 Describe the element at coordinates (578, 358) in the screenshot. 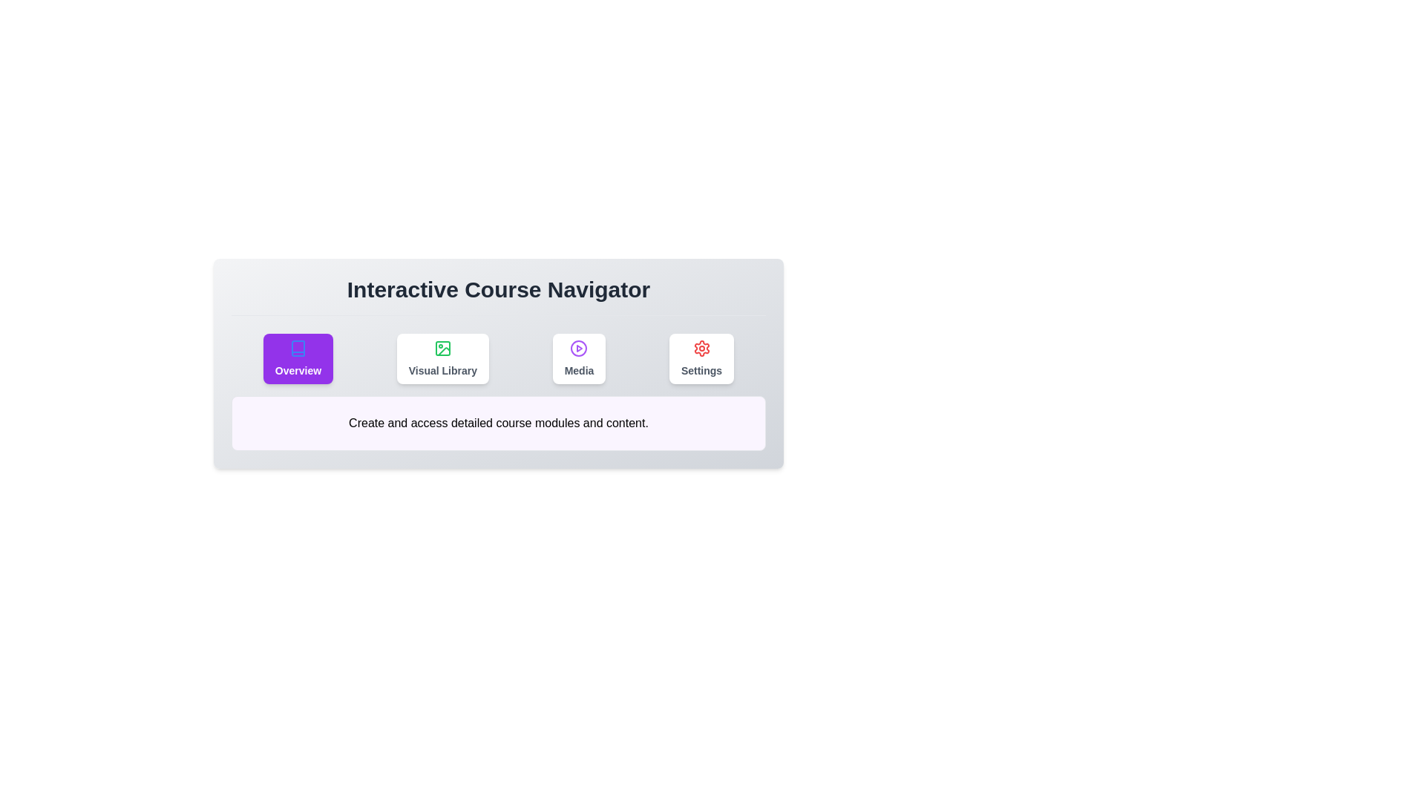

I see `the tab labeled Media` at that location.